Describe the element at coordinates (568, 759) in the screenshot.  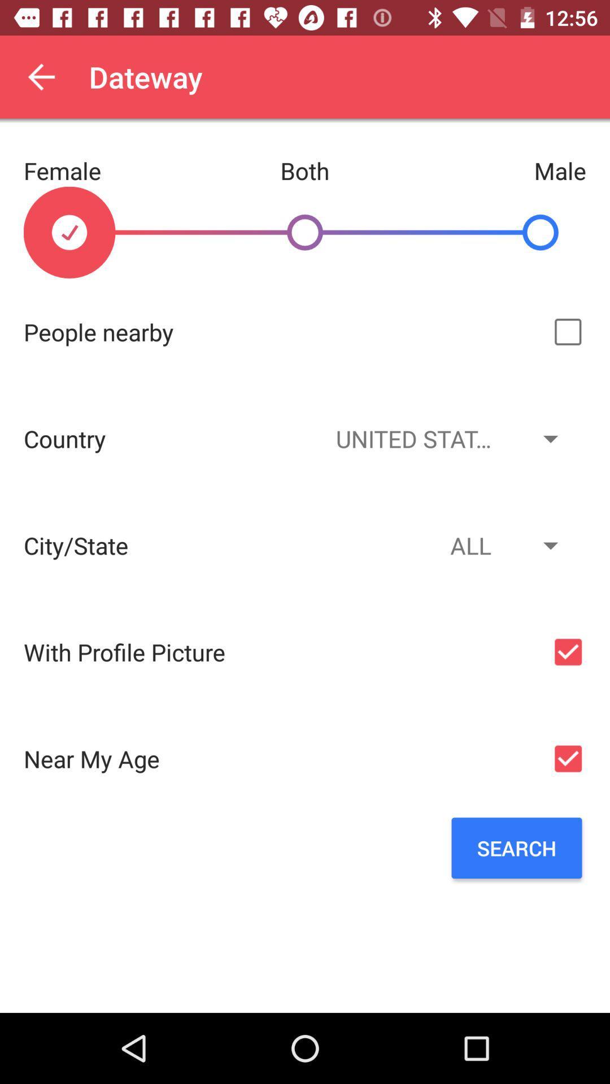
I see `the check box which is above search button on the page` at that location.